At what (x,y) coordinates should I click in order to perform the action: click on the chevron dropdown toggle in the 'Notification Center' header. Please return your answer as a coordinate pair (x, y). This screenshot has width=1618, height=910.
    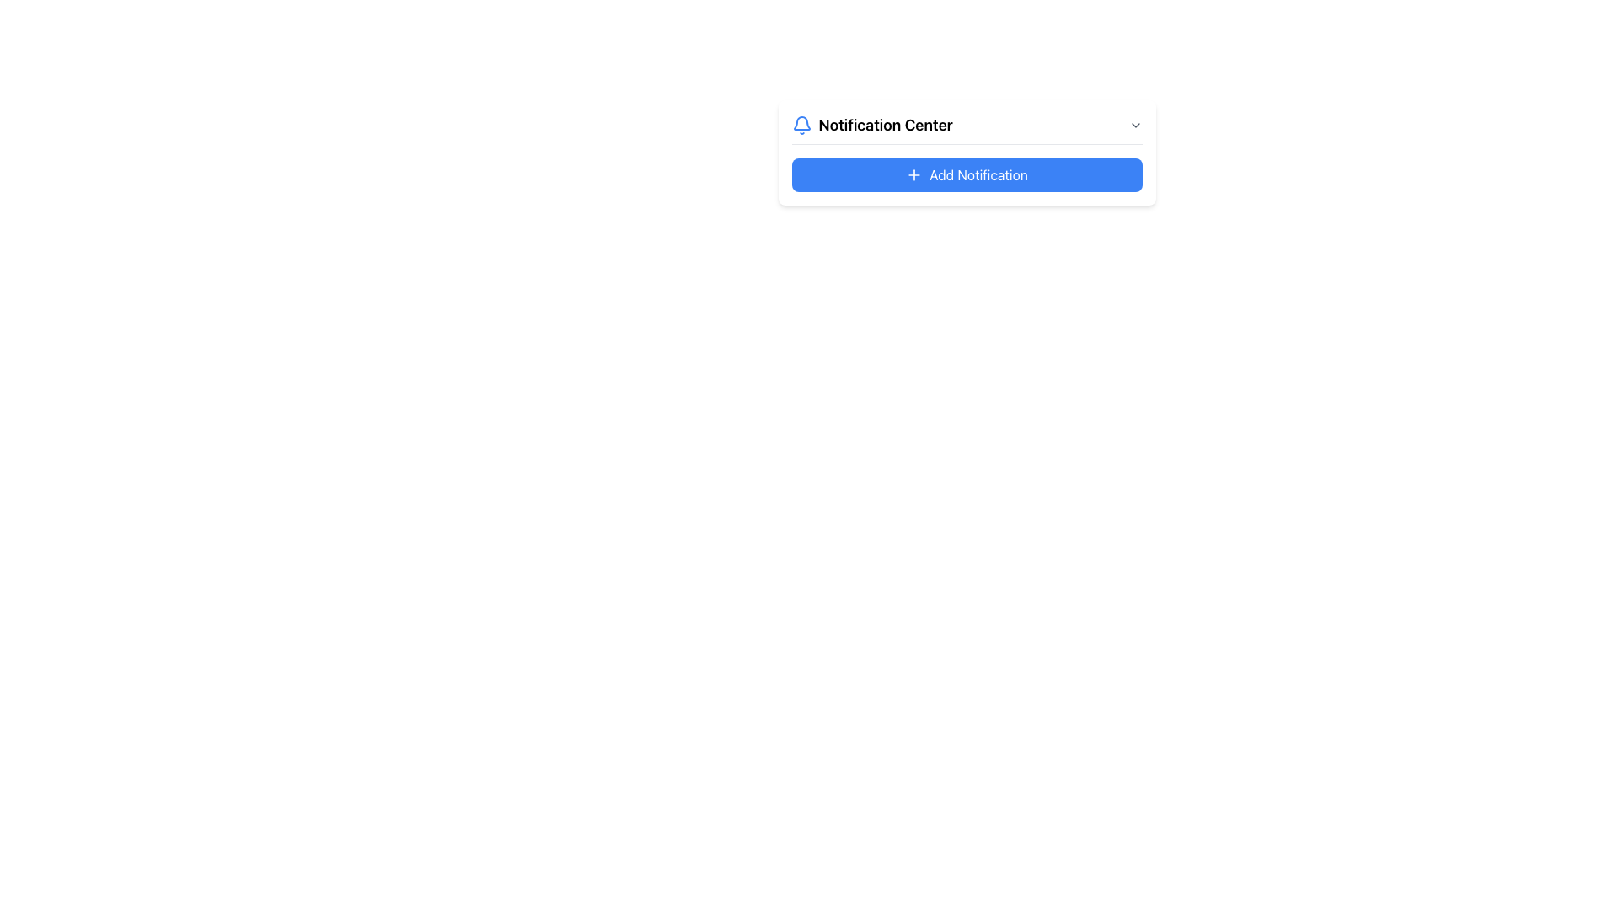
    Looking at the image, I should click on (1135, 125).